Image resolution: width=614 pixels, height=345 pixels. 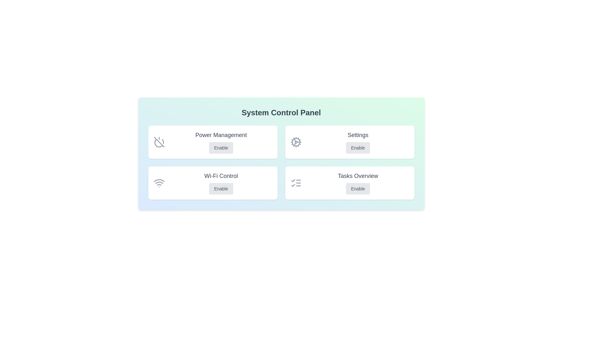 I want to click on the checklist icon in the 'Tasks Overview' card, which is positioned centrally in the interface, to the left of the 'Enable' button and below the 'Tasks Overview' text, so click(x=295, y=183).